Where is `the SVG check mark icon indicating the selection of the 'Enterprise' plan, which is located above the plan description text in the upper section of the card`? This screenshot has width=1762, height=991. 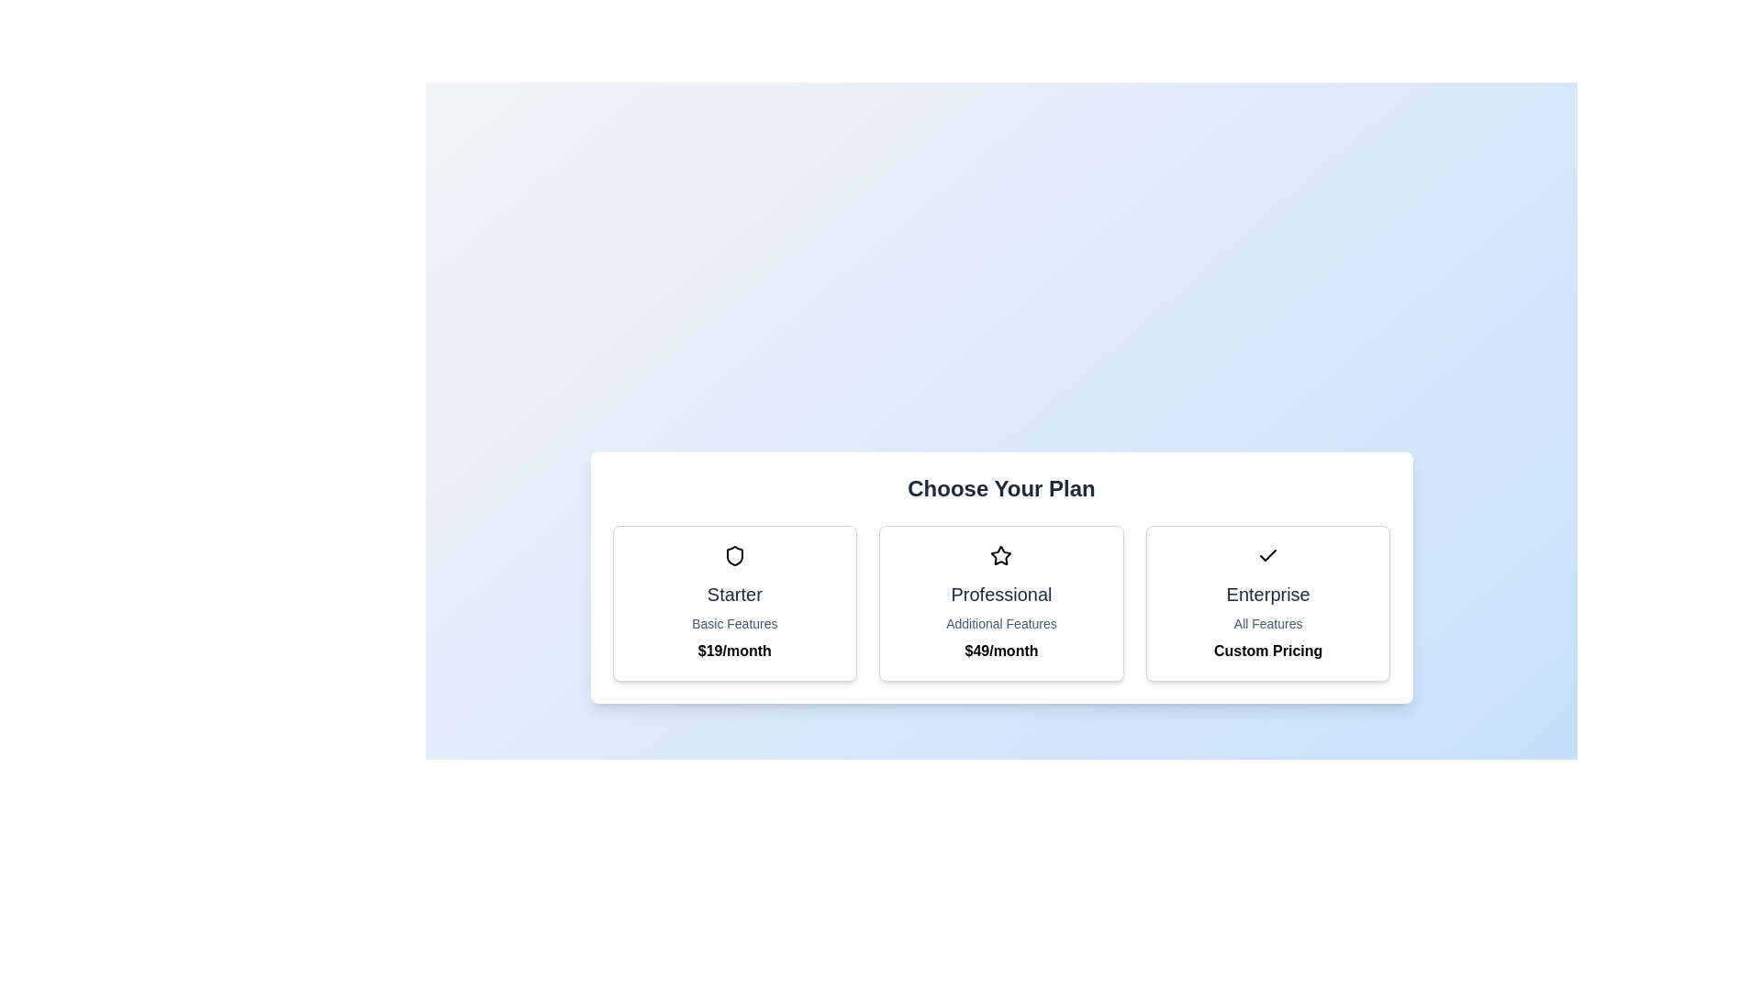
the SVG check mark icon indicating the selection of the 'Enterprise' plan, which is located above the plan description text in the upper section of the card is located at coordinates (1267, 554).